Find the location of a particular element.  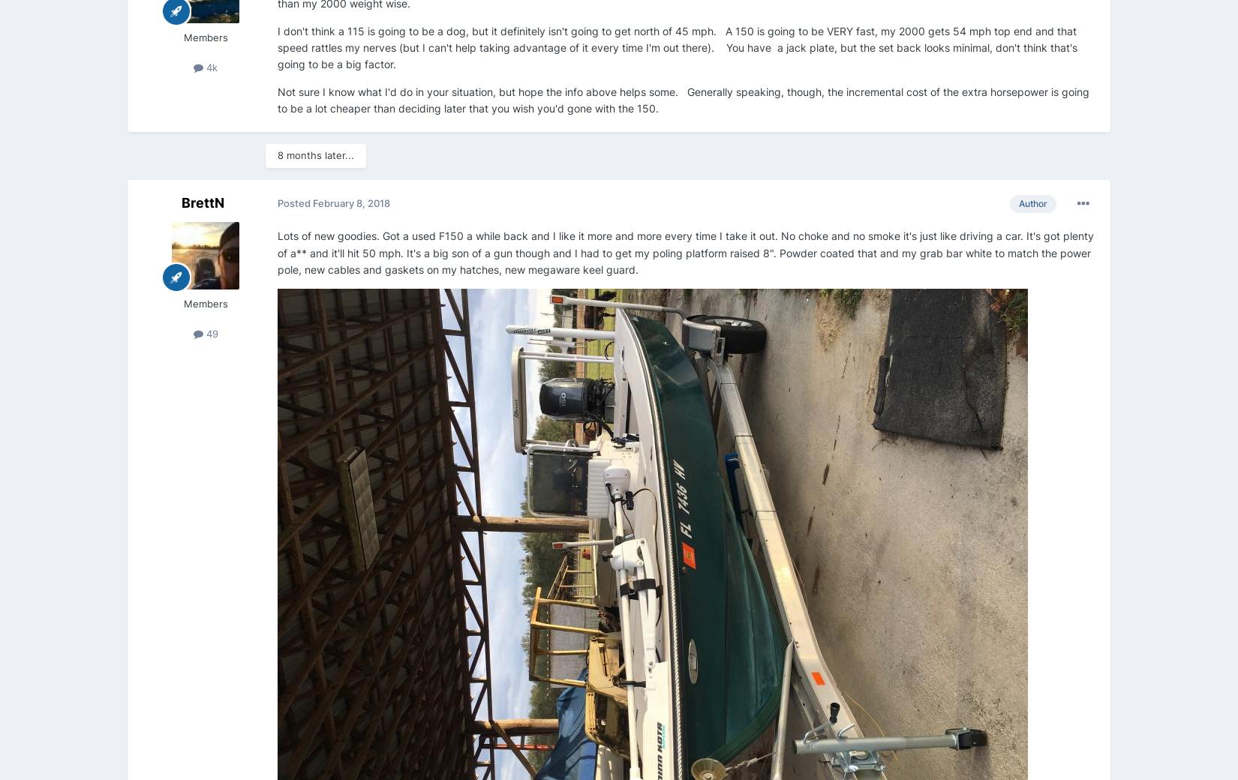

'Posted' is located at coordinates (295, 202).